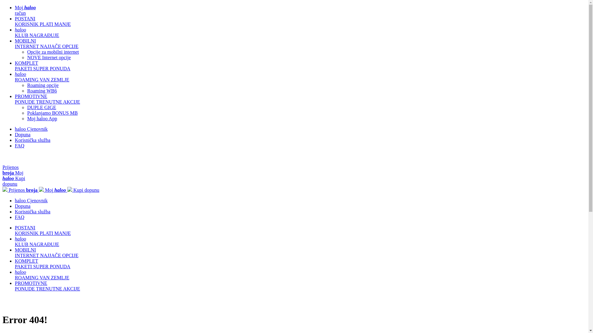 Image resolution: width=593 pixels, height=333 pixels. What do you see at coordinates (19, 217) in the screenshot?
I see `'FAQ'` at bounding box center [19, 217].